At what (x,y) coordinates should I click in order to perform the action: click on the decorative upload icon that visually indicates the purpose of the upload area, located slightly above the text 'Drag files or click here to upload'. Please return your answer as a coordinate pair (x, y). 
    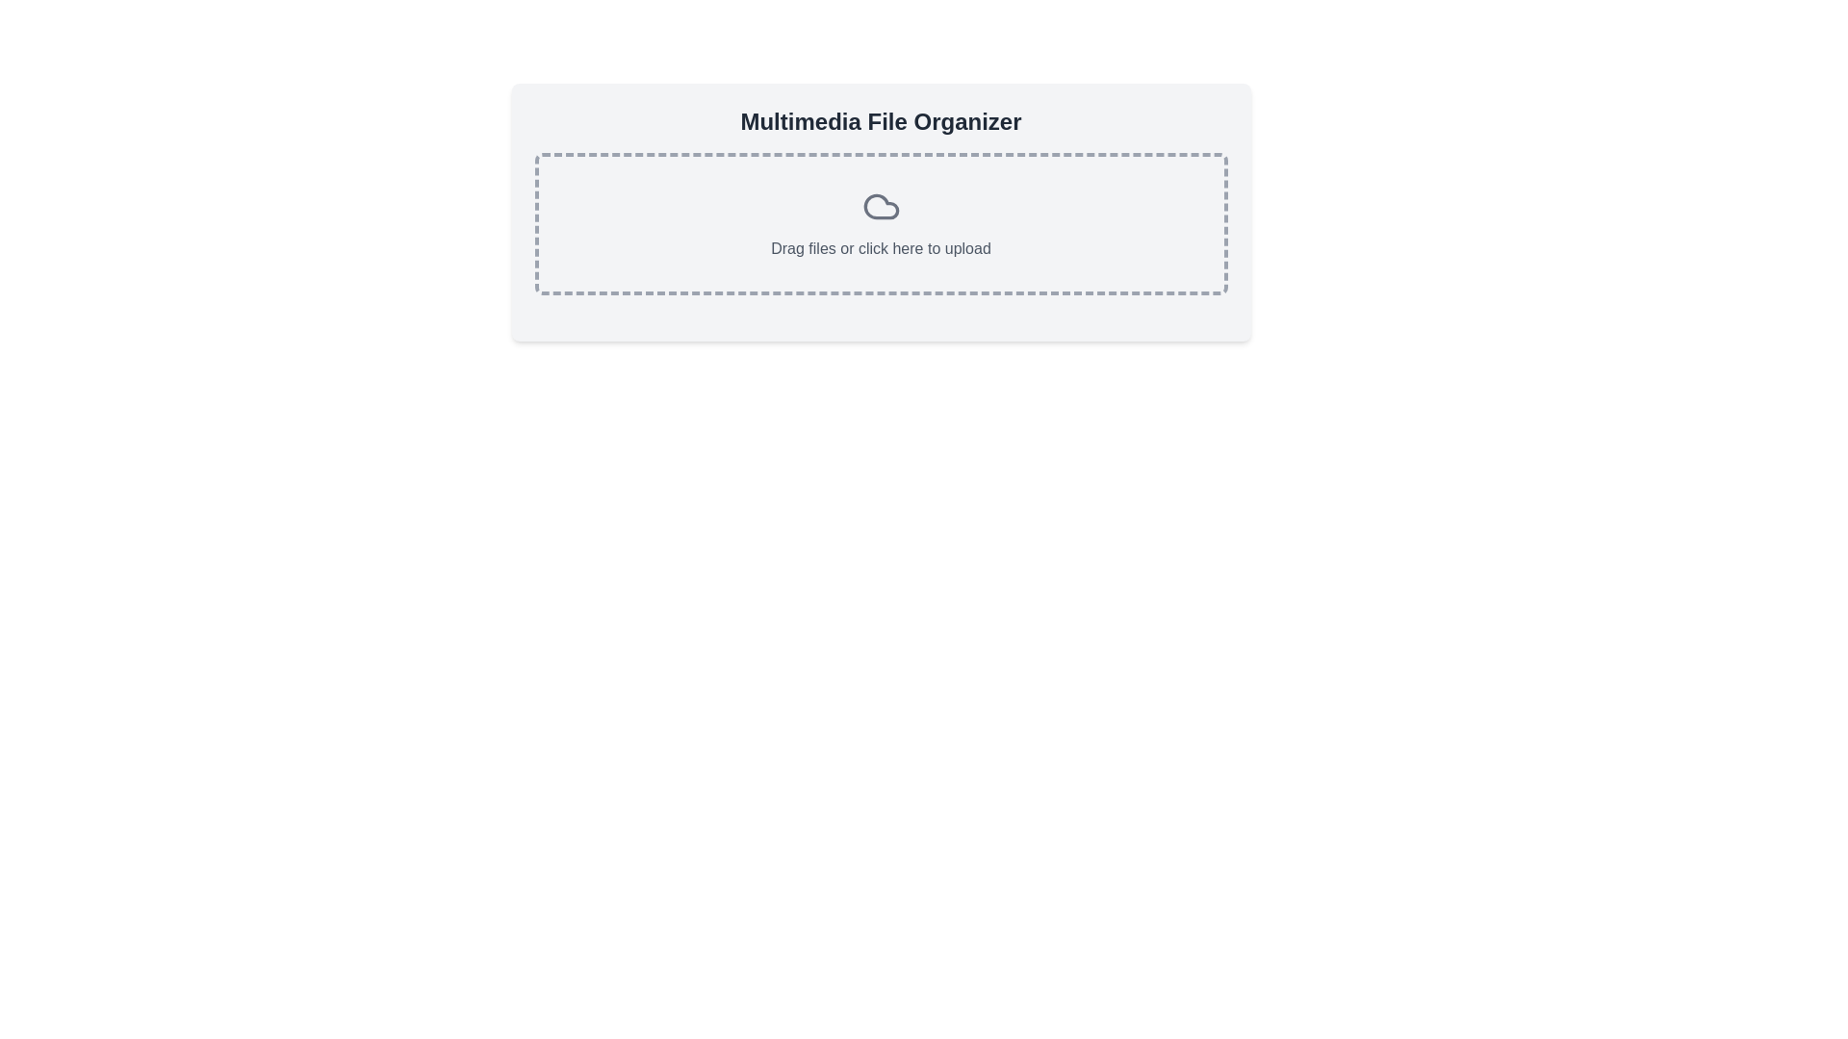
    Looking at the image, I should click on (880, 207).